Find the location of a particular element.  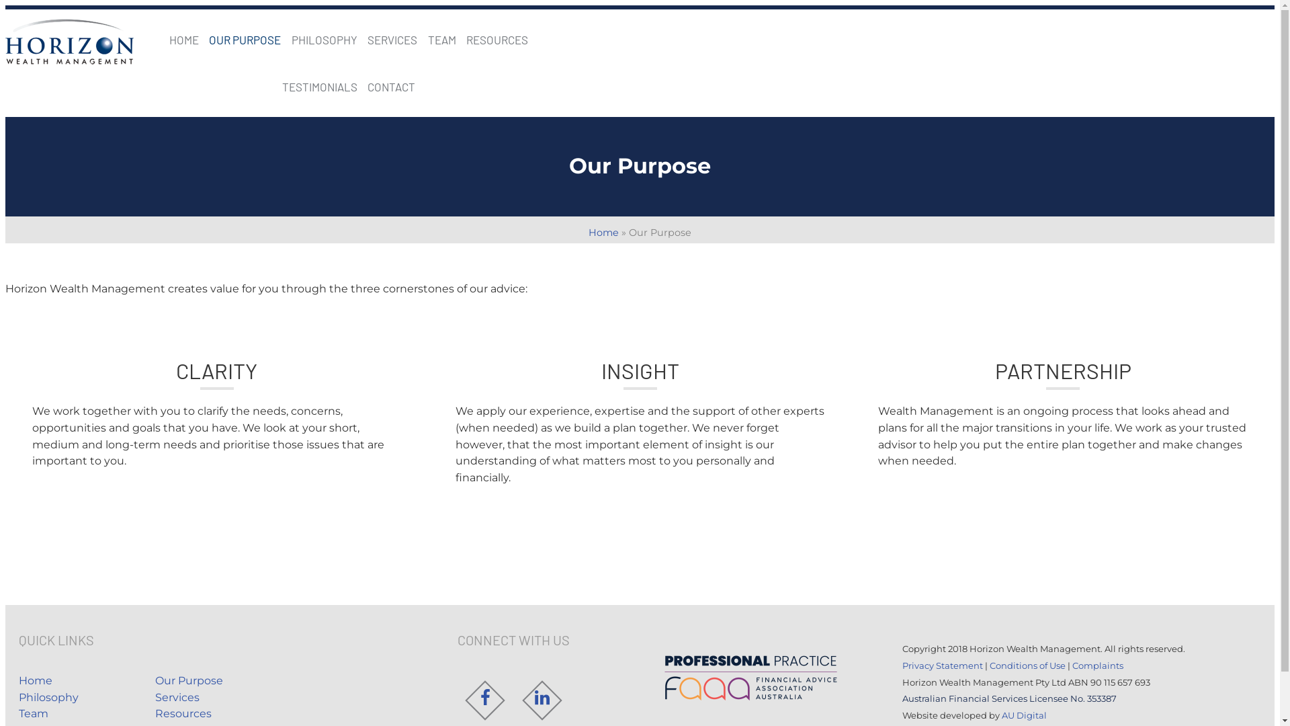

'TEAM' is located at coordinates (441, 38).